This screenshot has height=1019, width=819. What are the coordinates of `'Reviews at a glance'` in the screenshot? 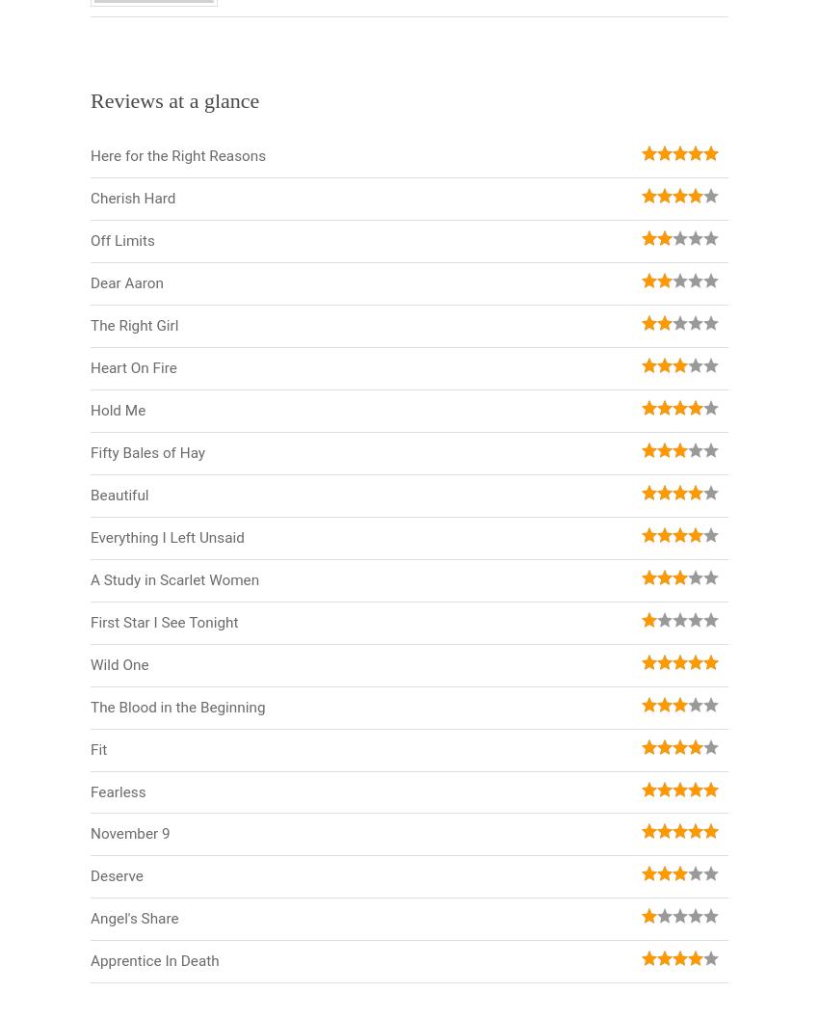 It's located at (173, 99).